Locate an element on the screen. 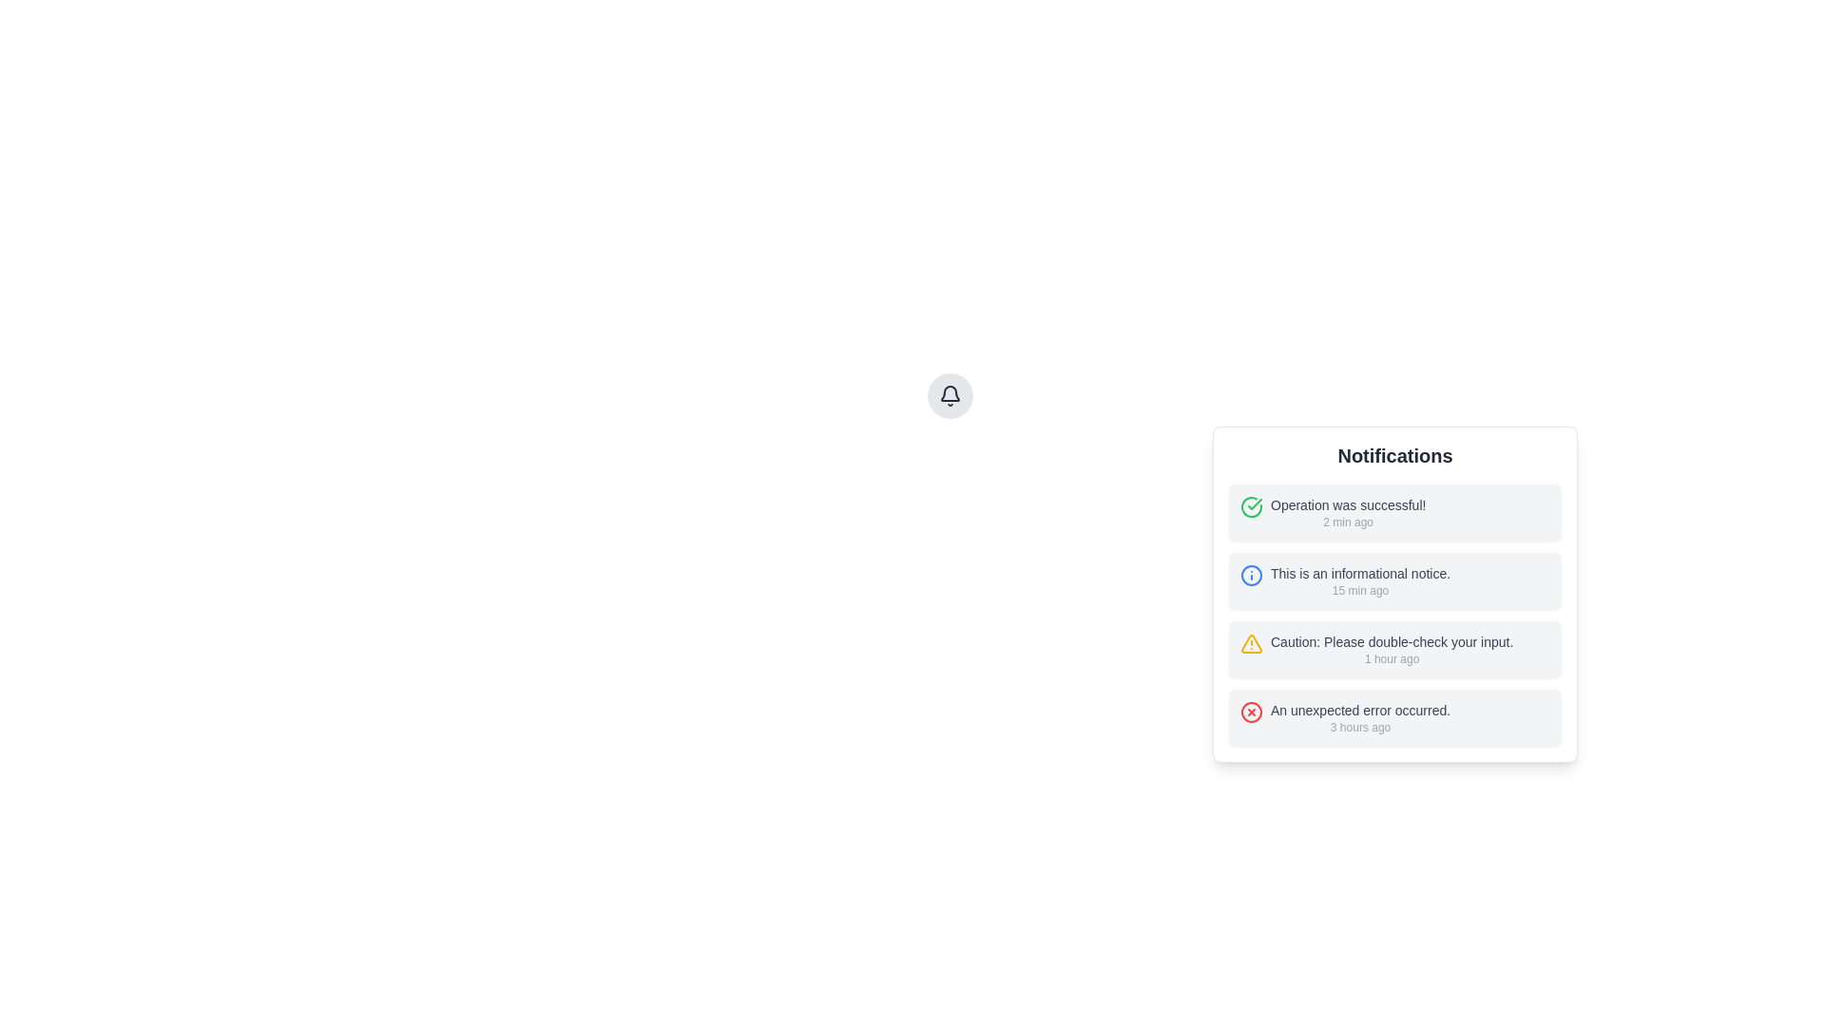 Image resolution: width=1825 pixels, height=1026 pixels. the error notification icon located to the left of the text 'An unexpected error occurred' in the notification area with a light gray background is located at coordinates (1251, 712).